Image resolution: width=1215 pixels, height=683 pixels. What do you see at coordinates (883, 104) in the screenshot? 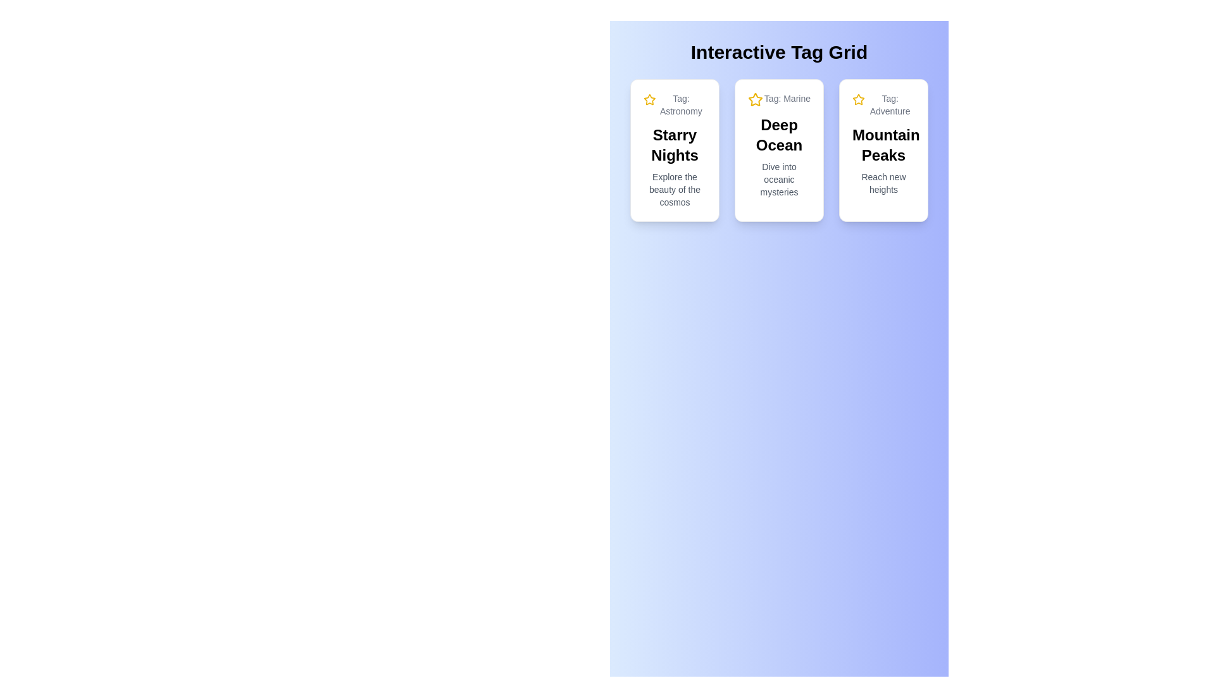
I see `tag information from the 'Adventure' label located at the top of the 'Mountain Peaks' card` at bounding box center [883, 104].